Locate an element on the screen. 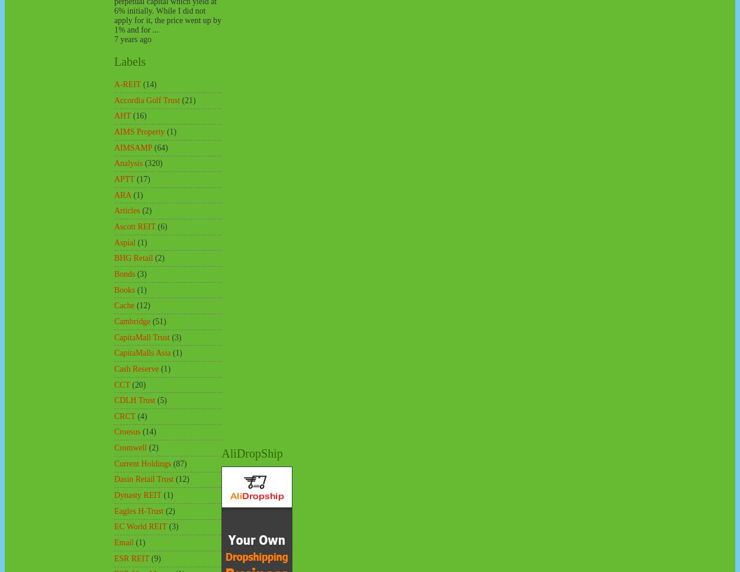 The image size is (740, 572). 'AIMSAMP' is located at coordinates (133, 146).